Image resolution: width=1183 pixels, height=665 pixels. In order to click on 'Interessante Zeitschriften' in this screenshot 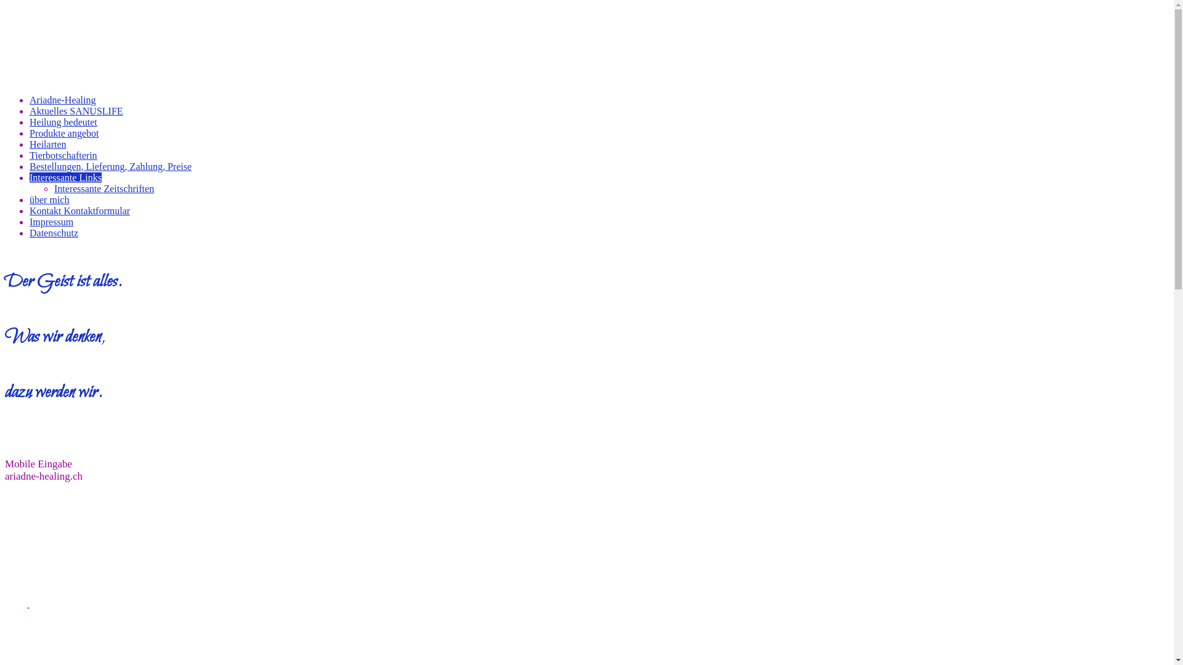, I will do `click(104, 188)`.